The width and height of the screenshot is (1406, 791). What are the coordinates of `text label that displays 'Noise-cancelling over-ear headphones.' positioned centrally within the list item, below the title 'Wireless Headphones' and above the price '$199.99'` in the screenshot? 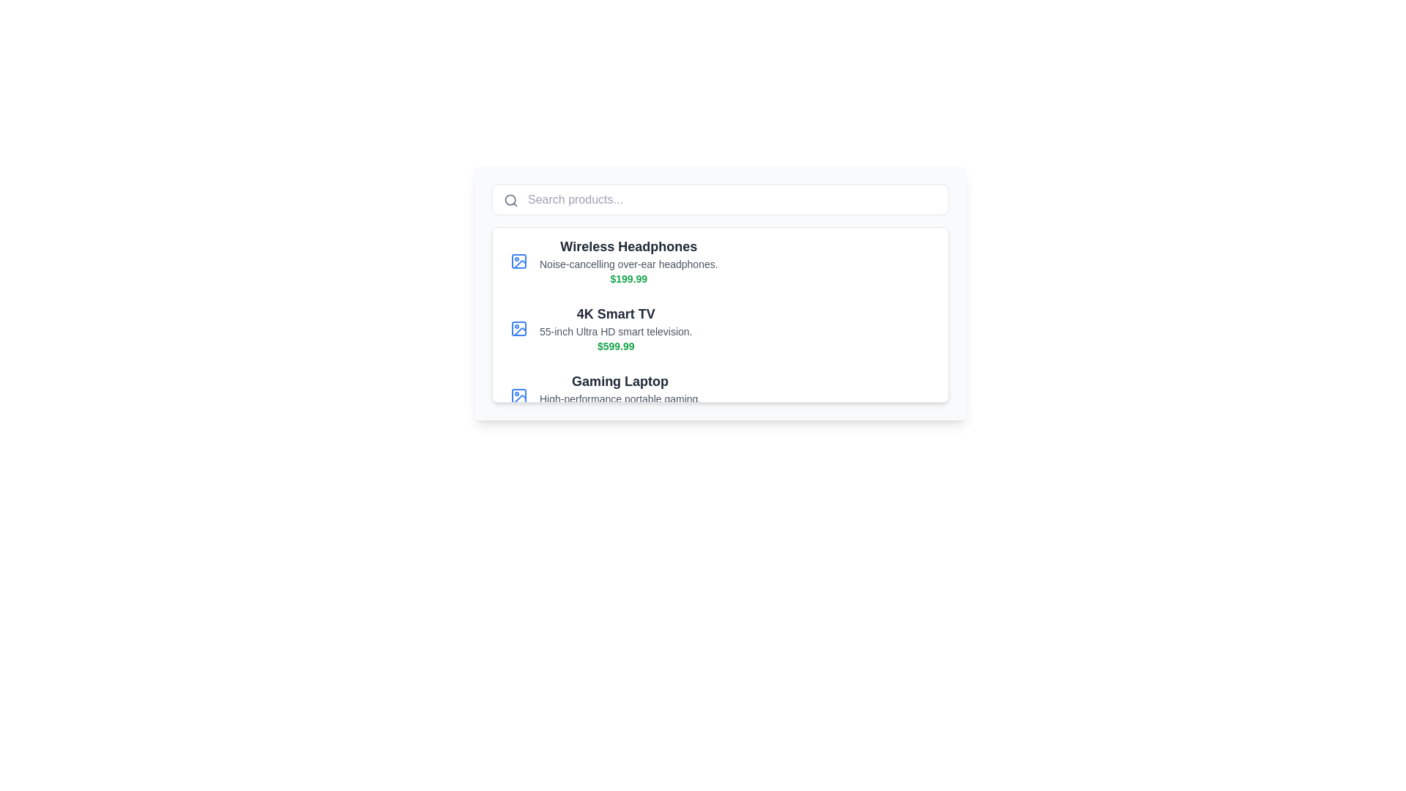 It's located at (628, 264).